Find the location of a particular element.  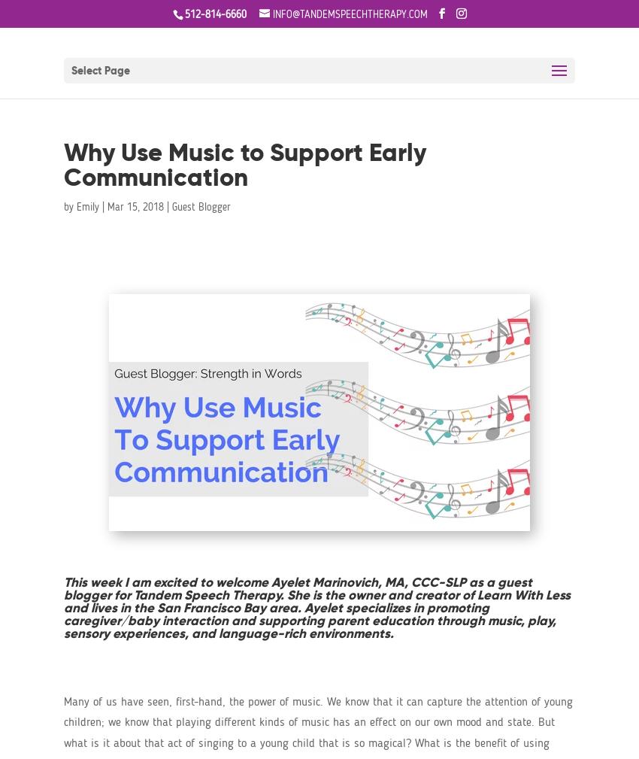

'Select Page' is located at coordinates (71, 70).